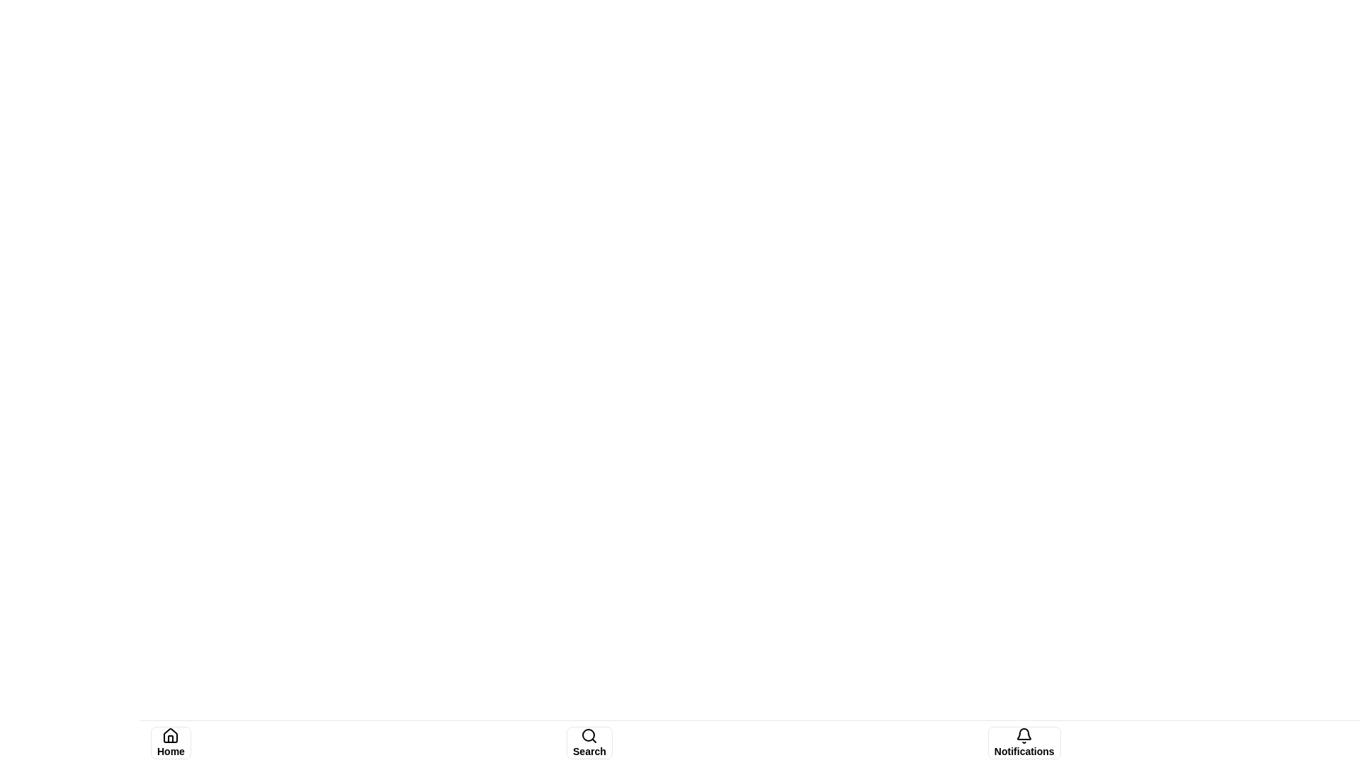  I want to click on the navigation item labeled Notifications, so click(1024, 742).